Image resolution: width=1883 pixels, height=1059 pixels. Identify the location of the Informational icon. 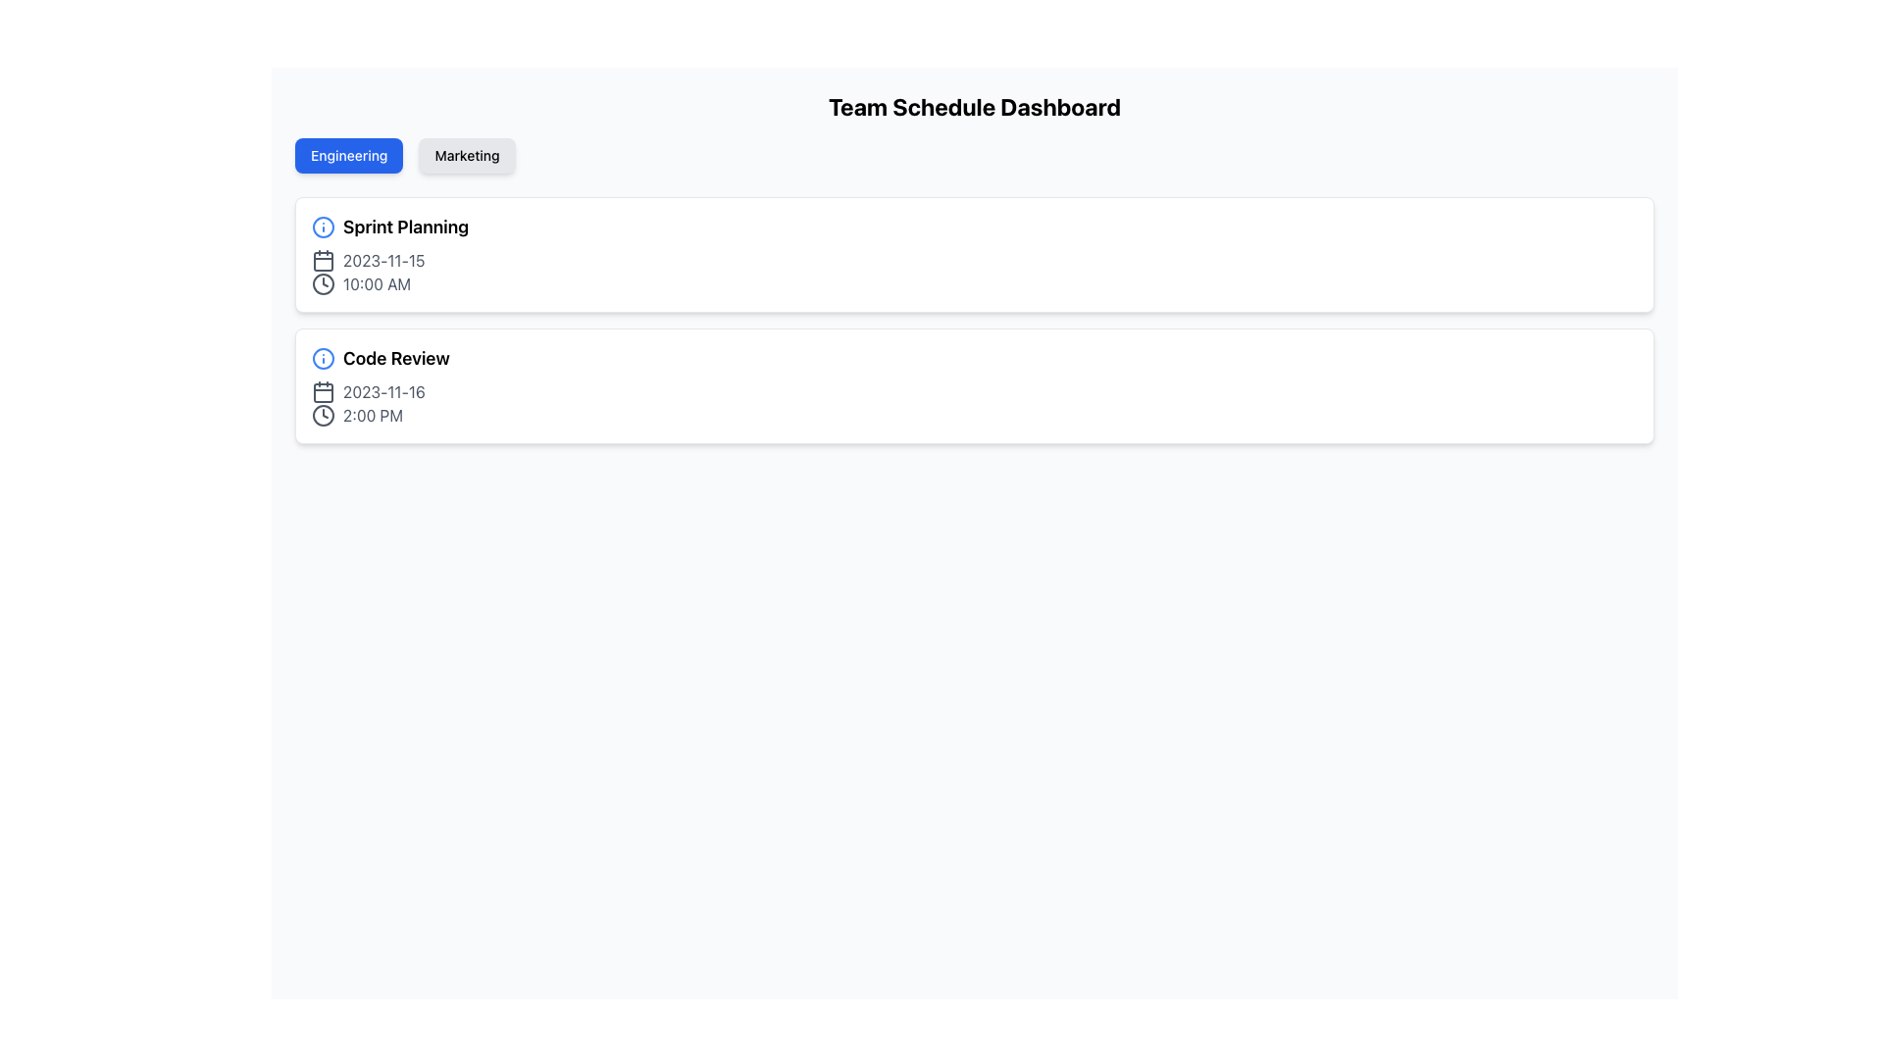
(324, 359).